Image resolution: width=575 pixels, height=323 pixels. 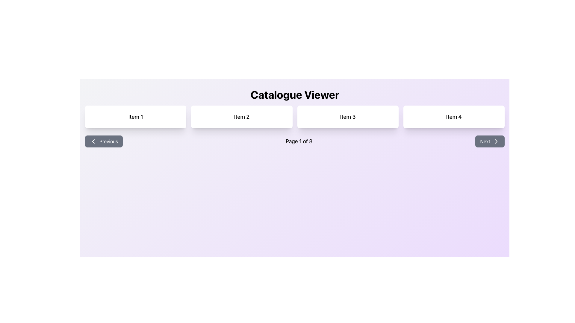 What do you see at coordinates (93, 141) in the screenshot?
I see `the chevron icon located within the 'Previous' button, which indicates navigation to the previous page or section` at bounding box center [93, 141].